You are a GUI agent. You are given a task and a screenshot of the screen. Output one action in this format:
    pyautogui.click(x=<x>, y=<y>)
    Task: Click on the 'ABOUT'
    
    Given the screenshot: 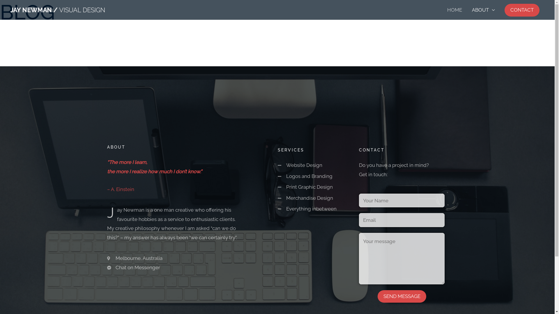 What is the action you would take?
    pyautogui.click(x=483, y=10)
    